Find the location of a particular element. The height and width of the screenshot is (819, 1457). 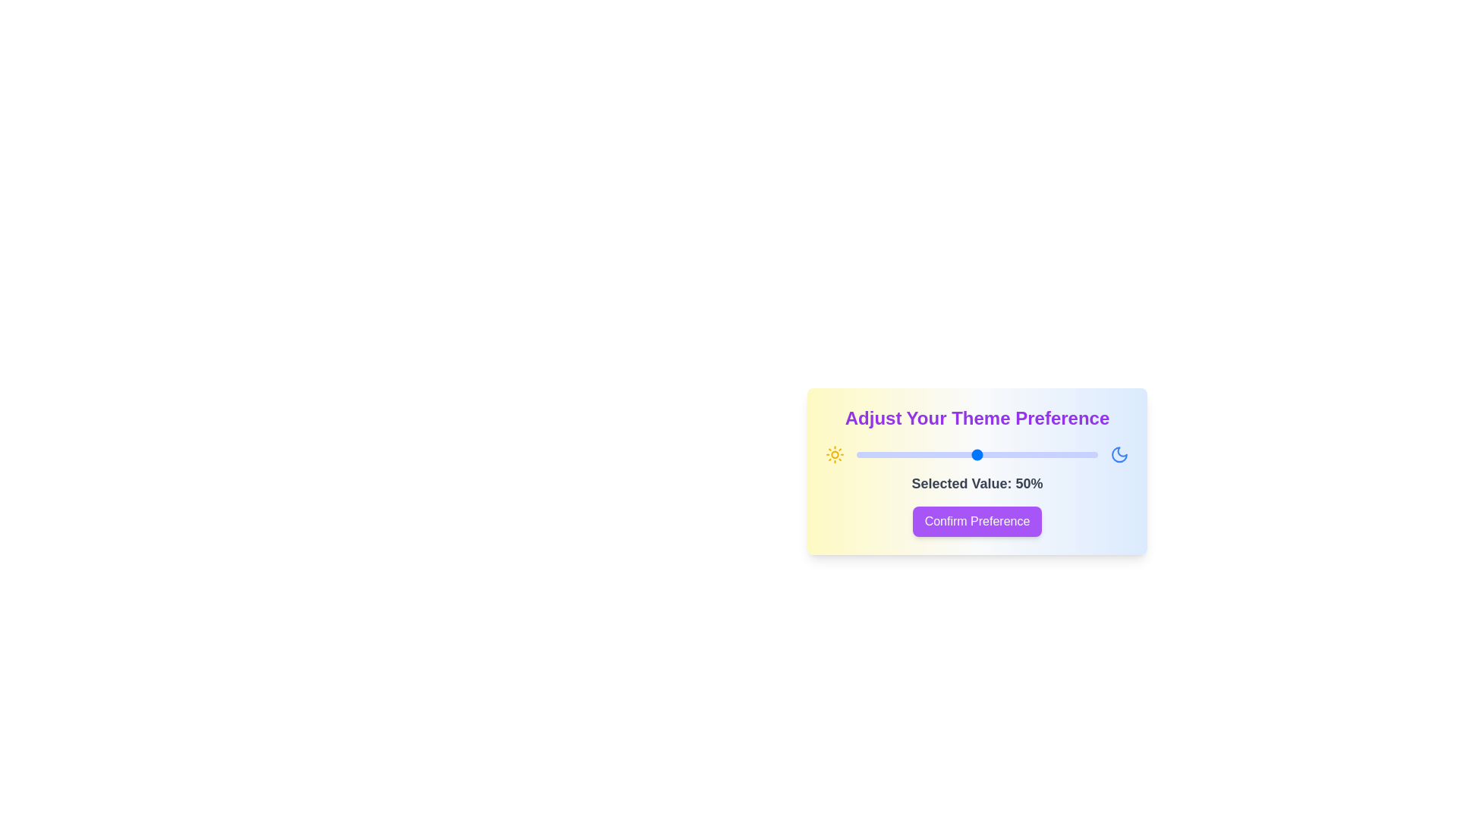

the slider that is part of the 'Adjust Your Theme Preference' card, which includes a sun icon on the left and a moon icon on the right, currently positioned at the midpoint indicating 50% is located at coordinates (977, 454).